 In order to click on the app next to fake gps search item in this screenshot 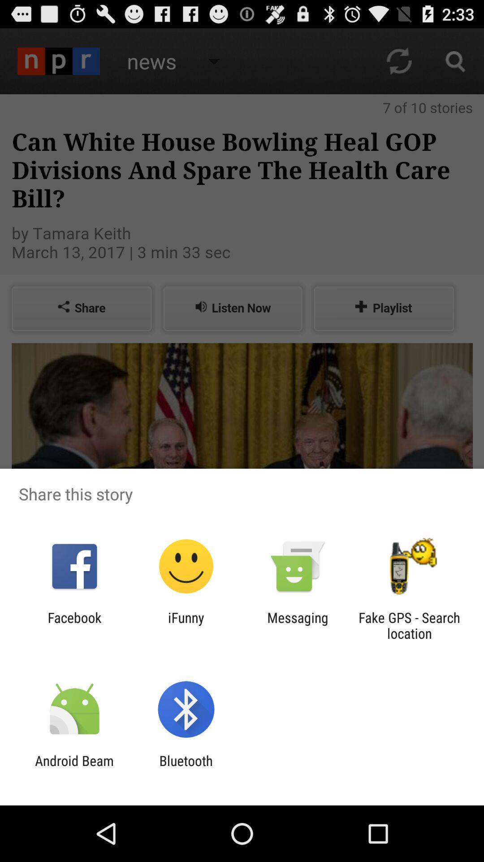, I will do `click(298, 625)`.